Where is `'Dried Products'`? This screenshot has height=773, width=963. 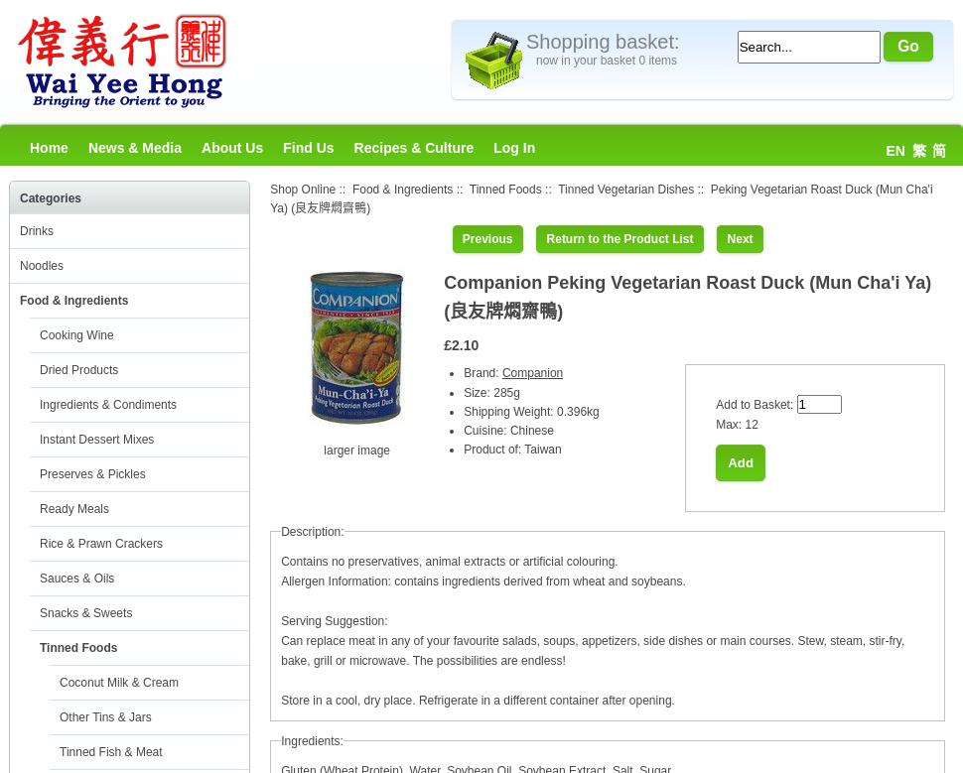 'Dried Products' is located at coordinates (77, 369).